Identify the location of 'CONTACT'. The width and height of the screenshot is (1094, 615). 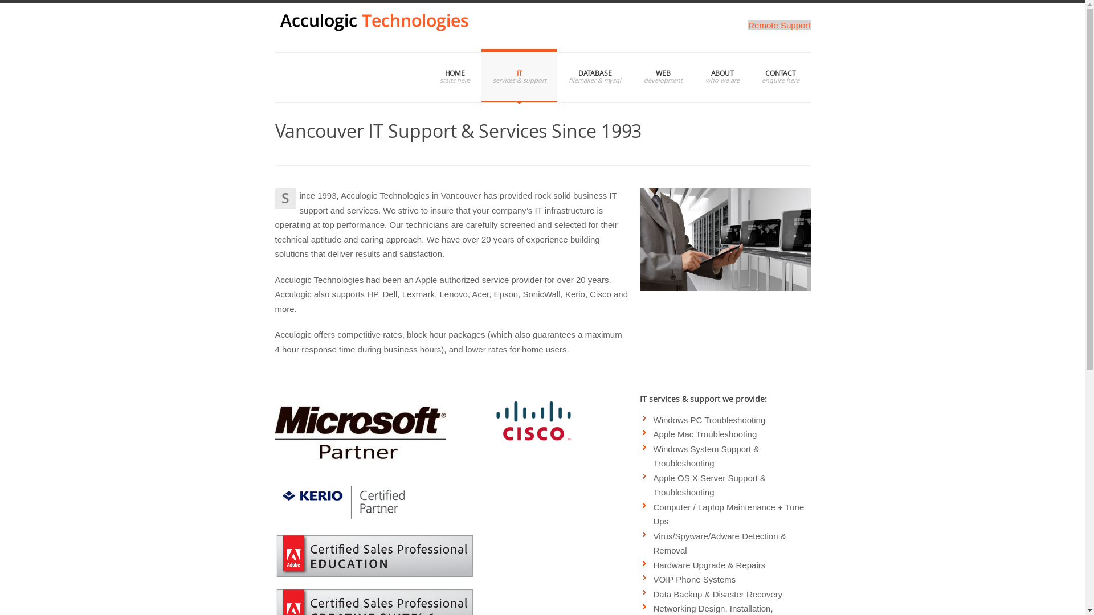
(779, 75).